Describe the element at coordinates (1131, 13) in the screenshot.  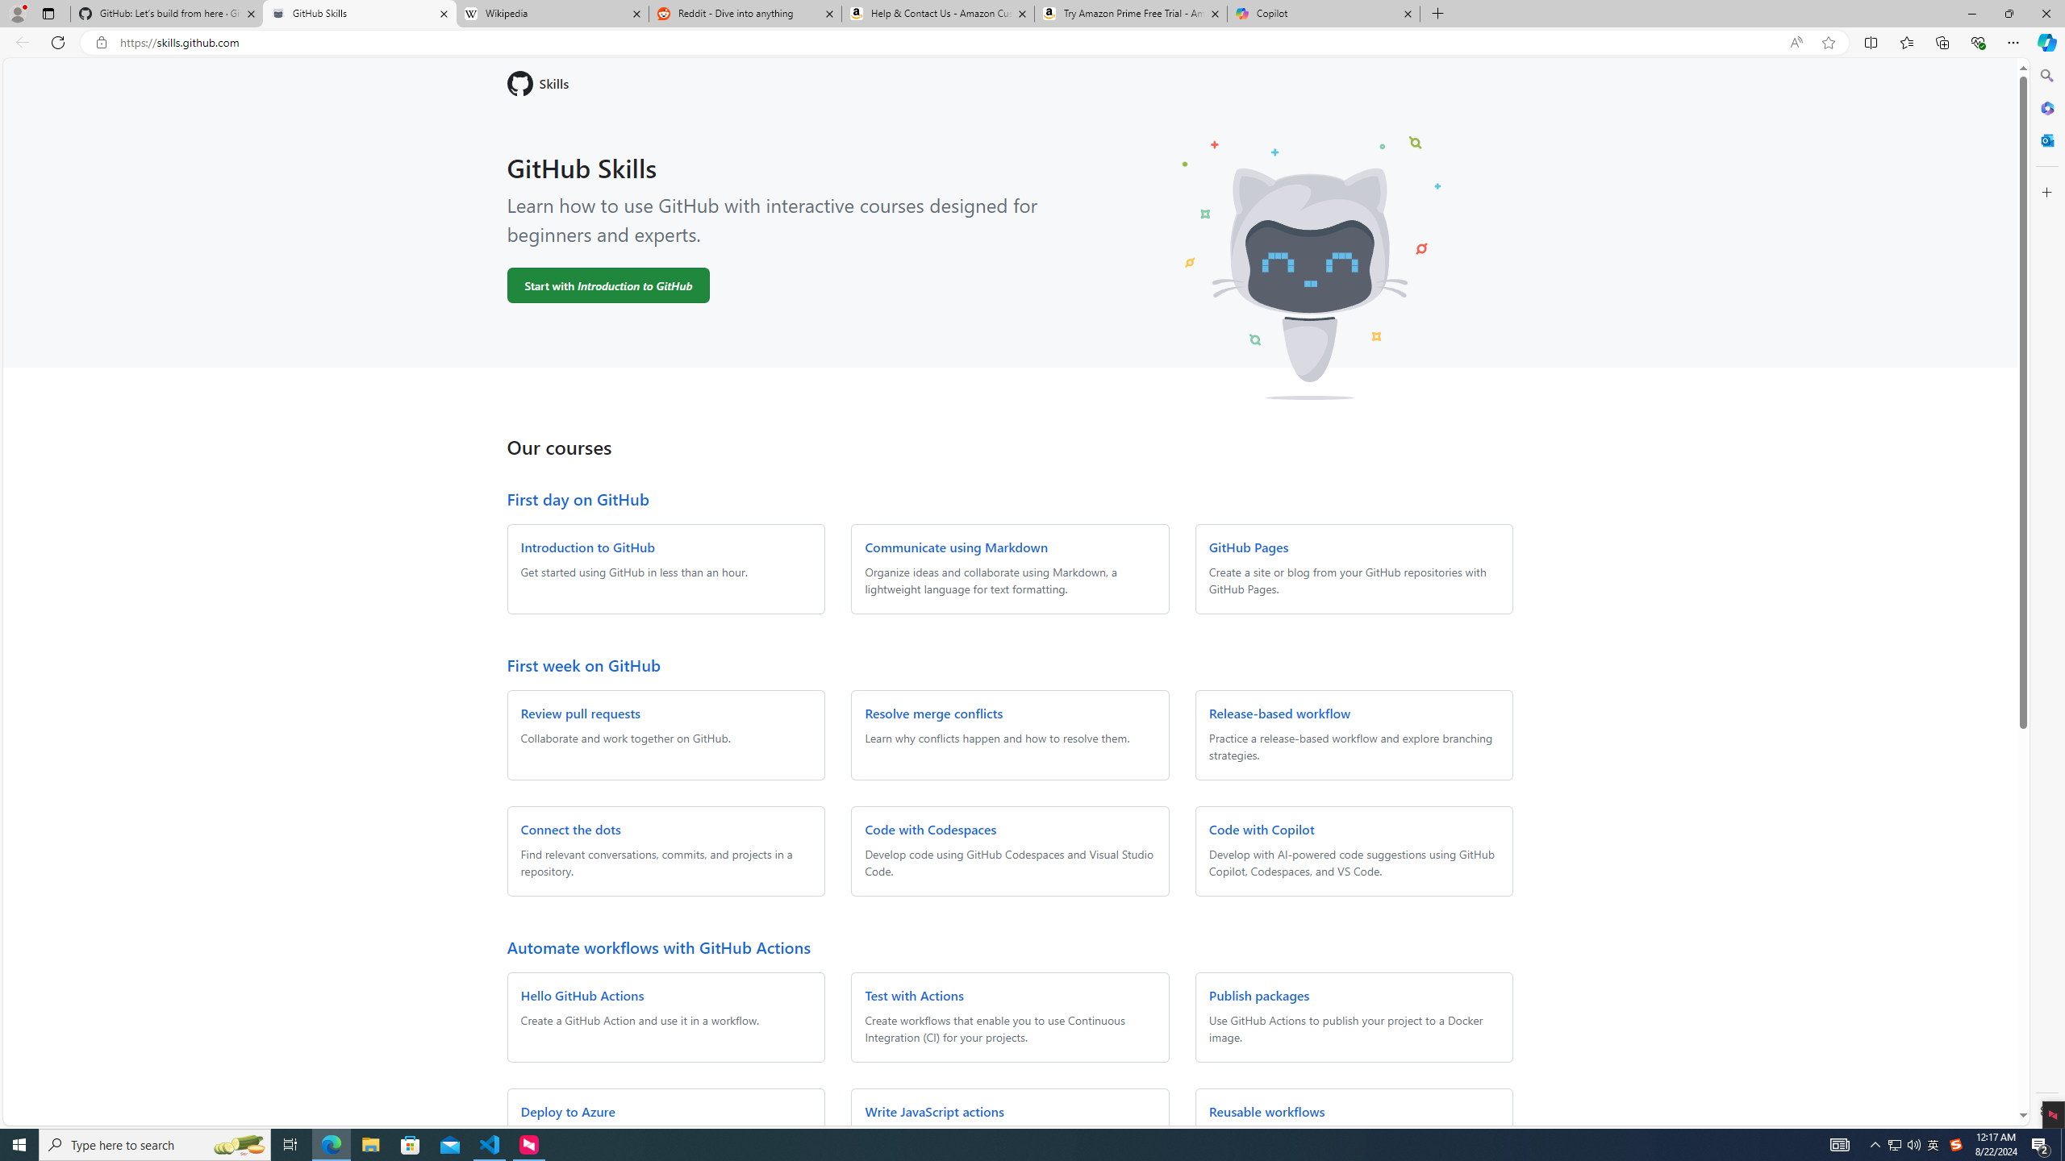
I see `'Try Amazon Prime Free Trial - Amazon Customer Service'` at that location.